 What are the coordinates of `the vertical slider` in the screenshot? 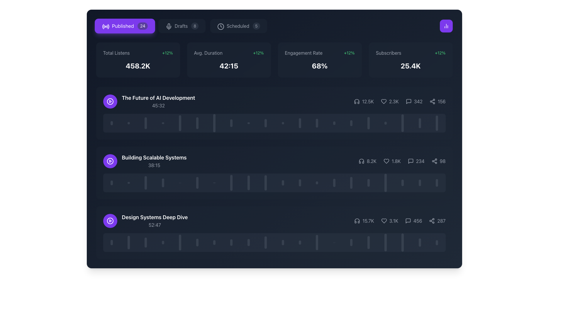 It's located at (368, 241).